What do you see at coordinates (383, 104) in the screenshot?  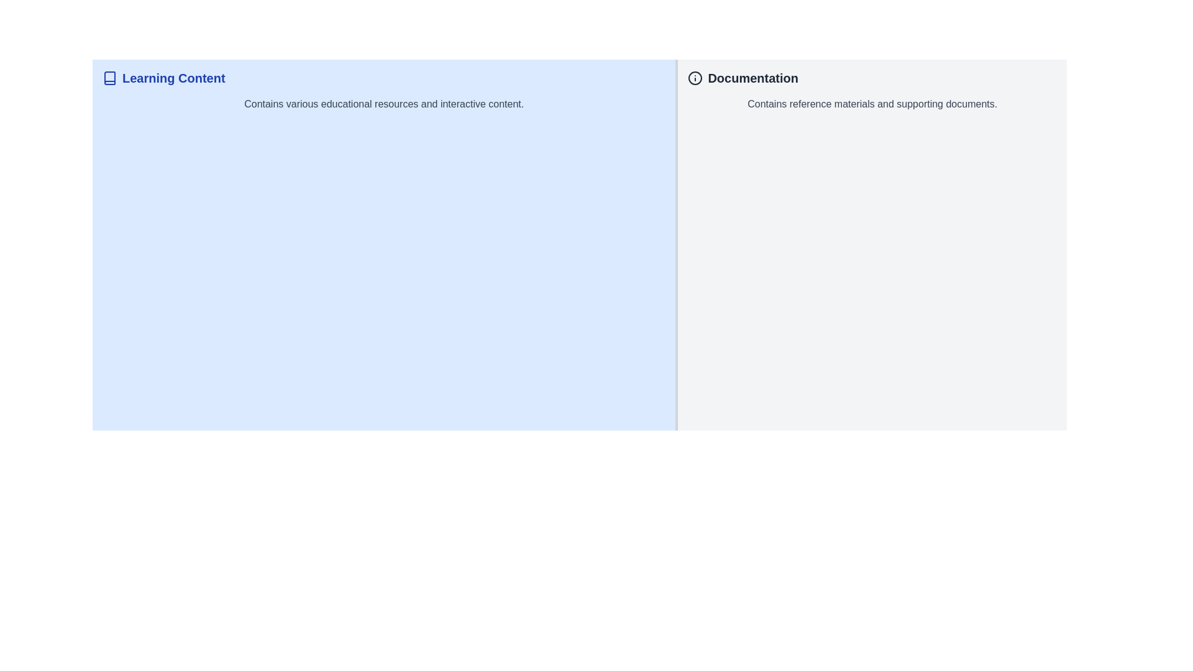 I see `the static text element that describes the section 'Learning Content', positioned below the headline and above the 'Shrink' button` at bounding box center [383, 104].